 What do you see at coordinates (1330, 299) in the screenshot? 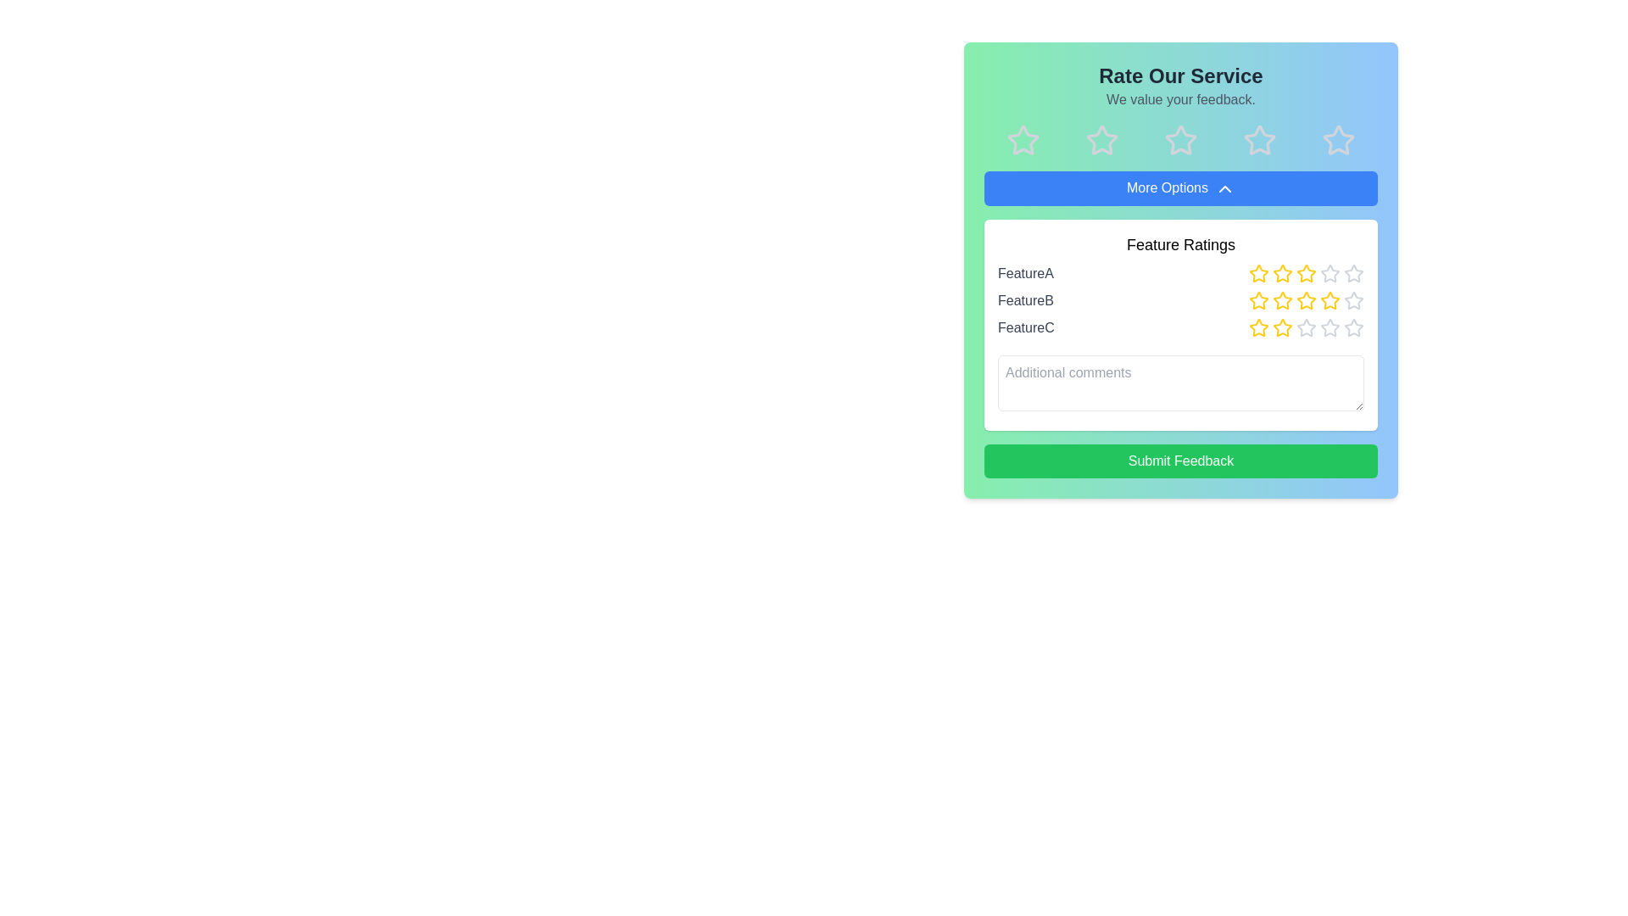
I see `the fourth star in the five-star rating system for 'FeatureB' in the 'Feature Ratings' section using keyboard navigation` at bounding box center [1330, 299].